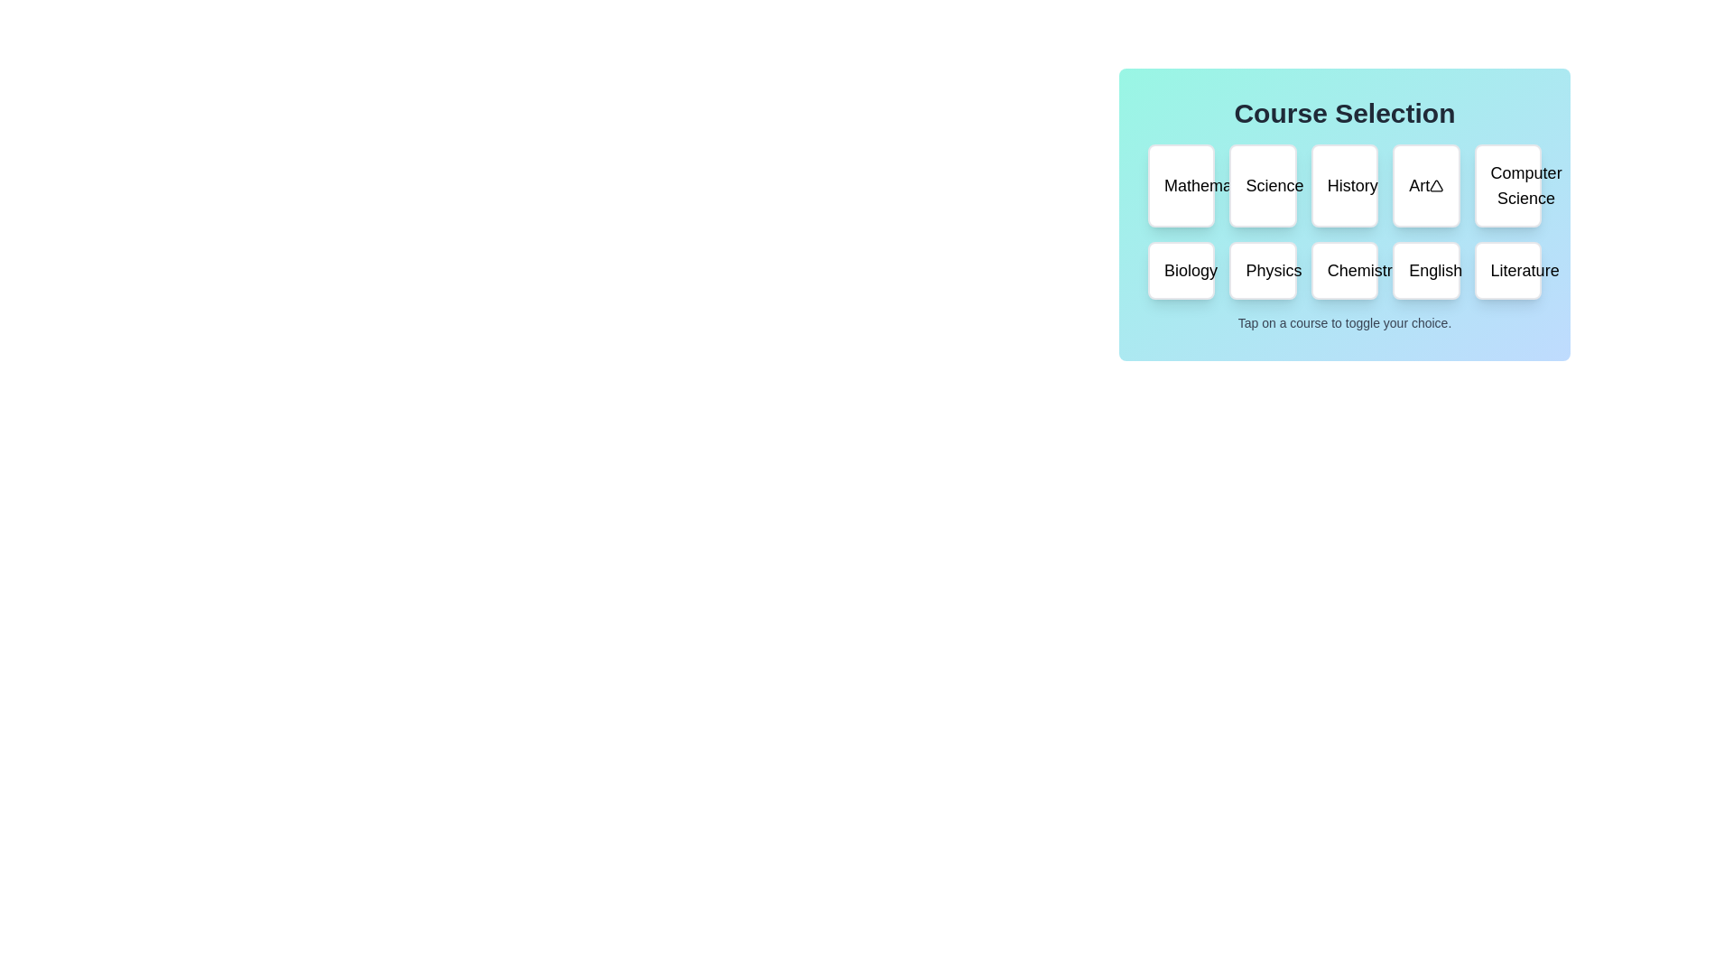  What do you see at coordinates (1424, 271) in the screenshot?
I see `the course English` at bounding box center [1424, 271].